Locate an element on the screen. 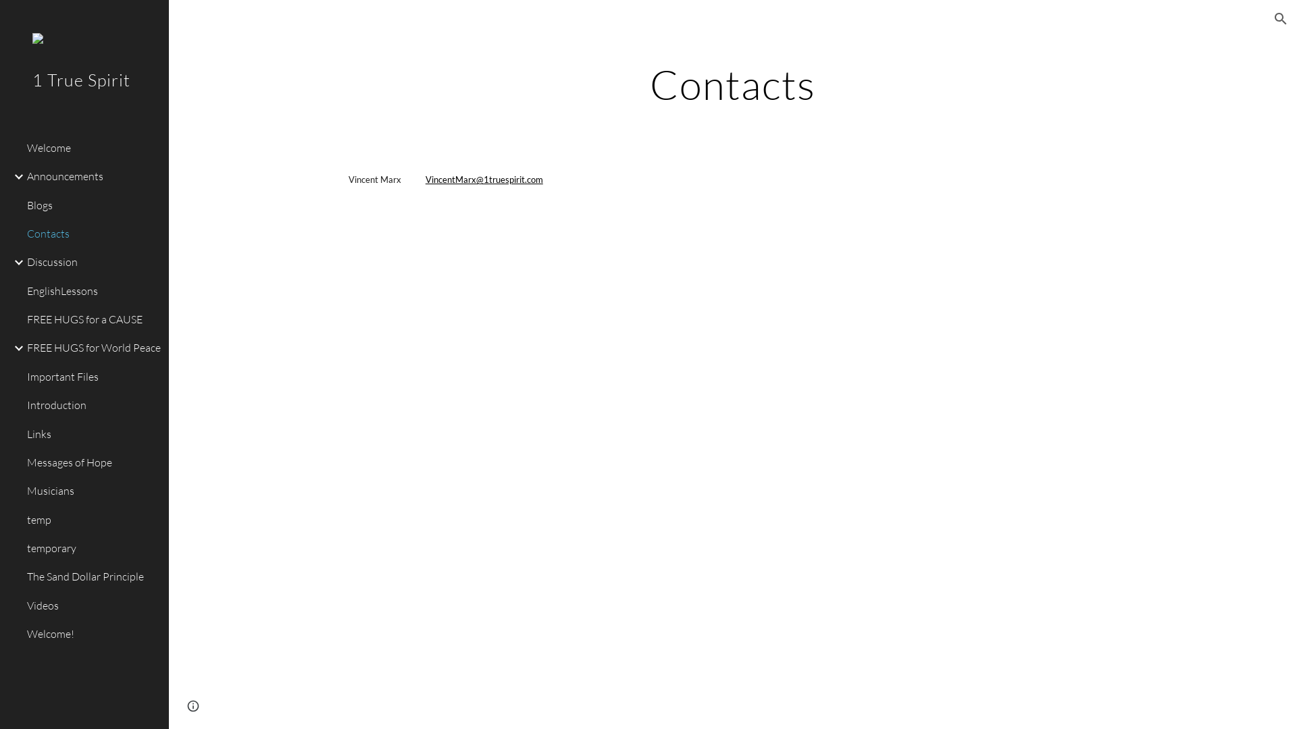  'Contacts' is located at coordinates (24, 234).